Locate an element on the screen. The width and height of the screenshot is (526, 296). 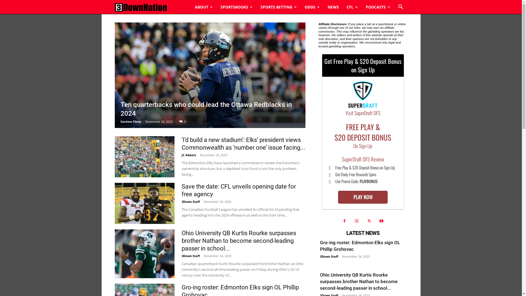
'ODDS' is located at coordinates (312, 7).